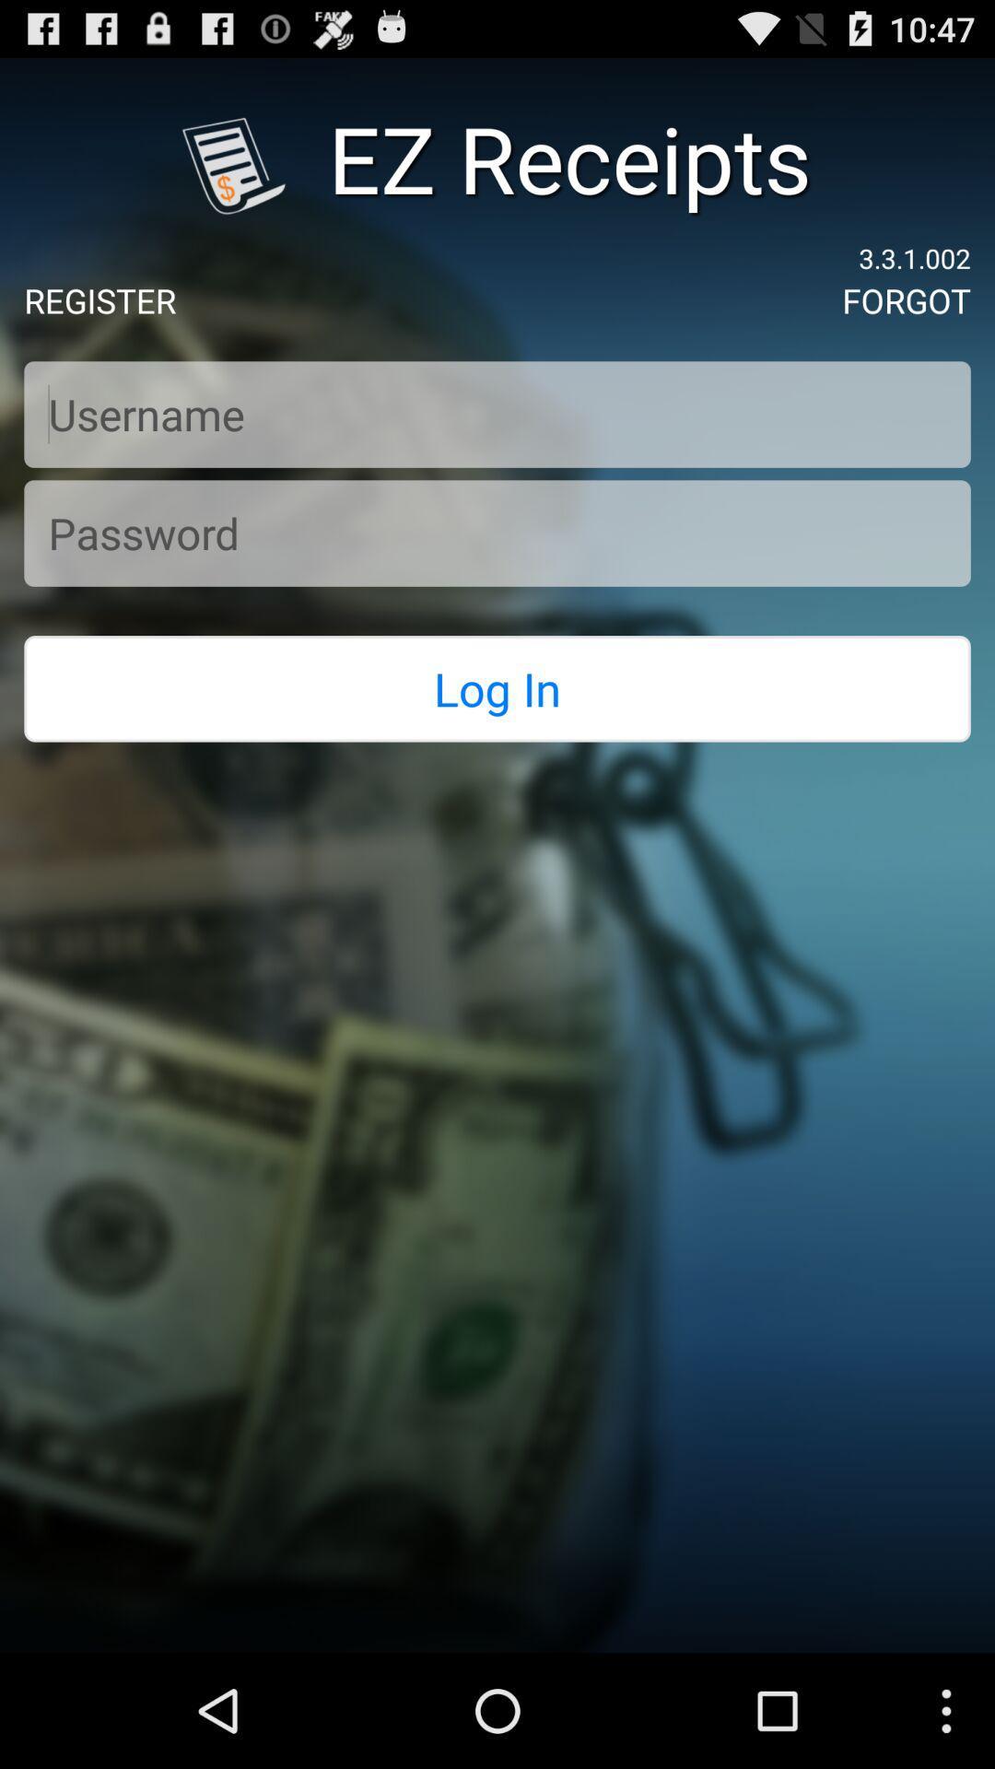  What do you see at coordinates (497, 533) in the screenshot?
I see `textbox to fill password` at bounding box center [497, 533].